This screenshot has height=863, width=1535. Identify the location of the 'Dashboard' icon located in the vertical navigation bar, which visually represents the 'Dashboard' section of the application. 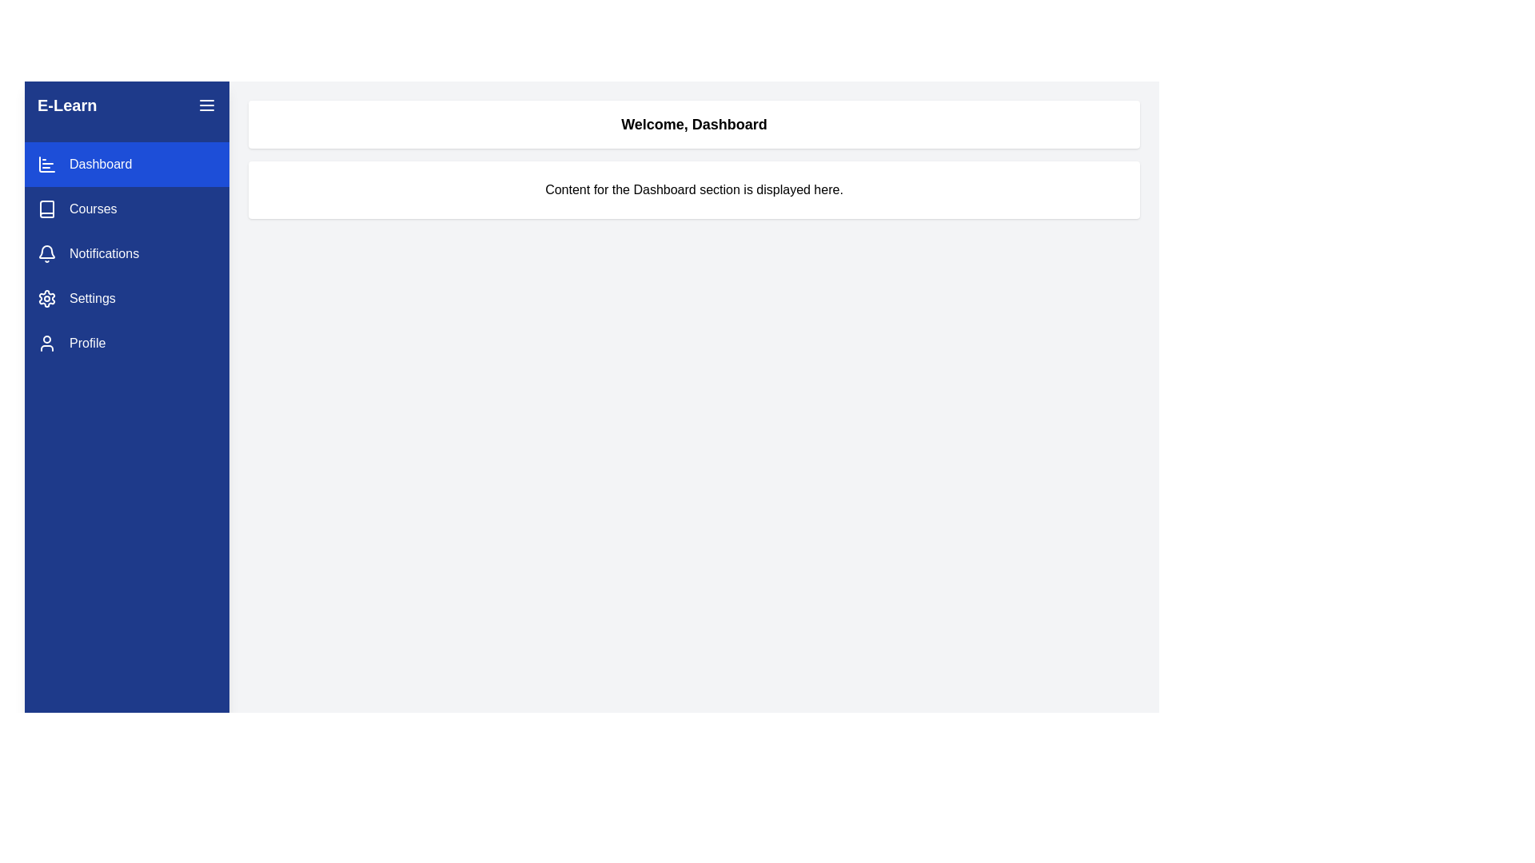
(46, 164).